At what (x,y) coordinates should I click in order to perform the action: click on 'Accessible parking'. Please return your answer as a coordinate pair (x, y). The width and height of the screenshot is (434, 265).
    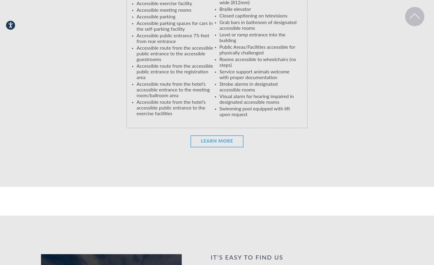
    Looking at the image, I should click on (137, 17).